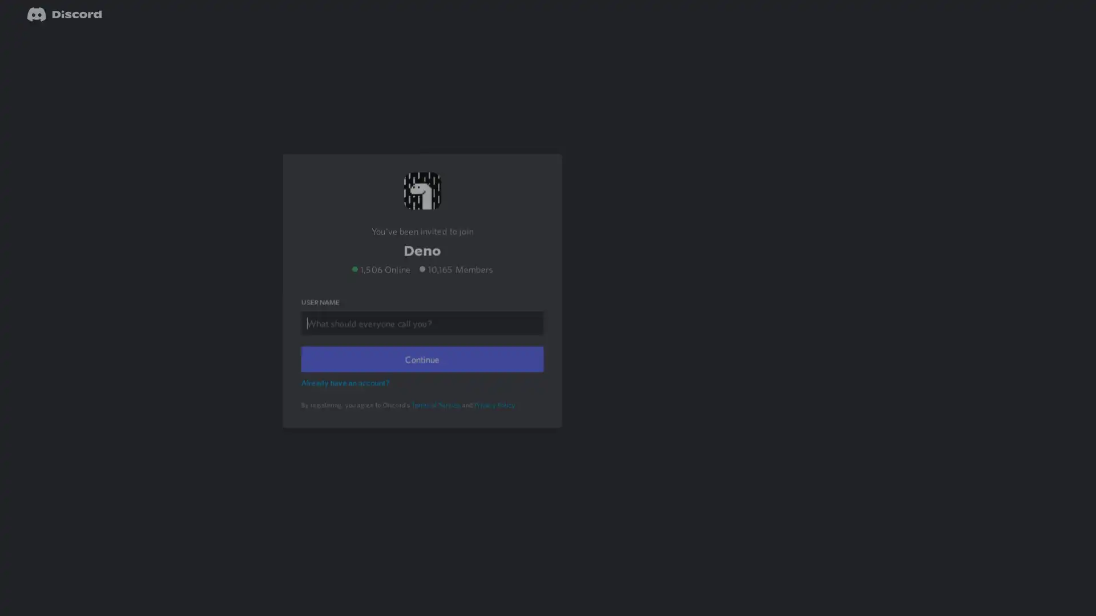 The image size is (1096, 616). Describe the element at coordinates (421, 374) in the screenshot. I see `Continue` at that location.